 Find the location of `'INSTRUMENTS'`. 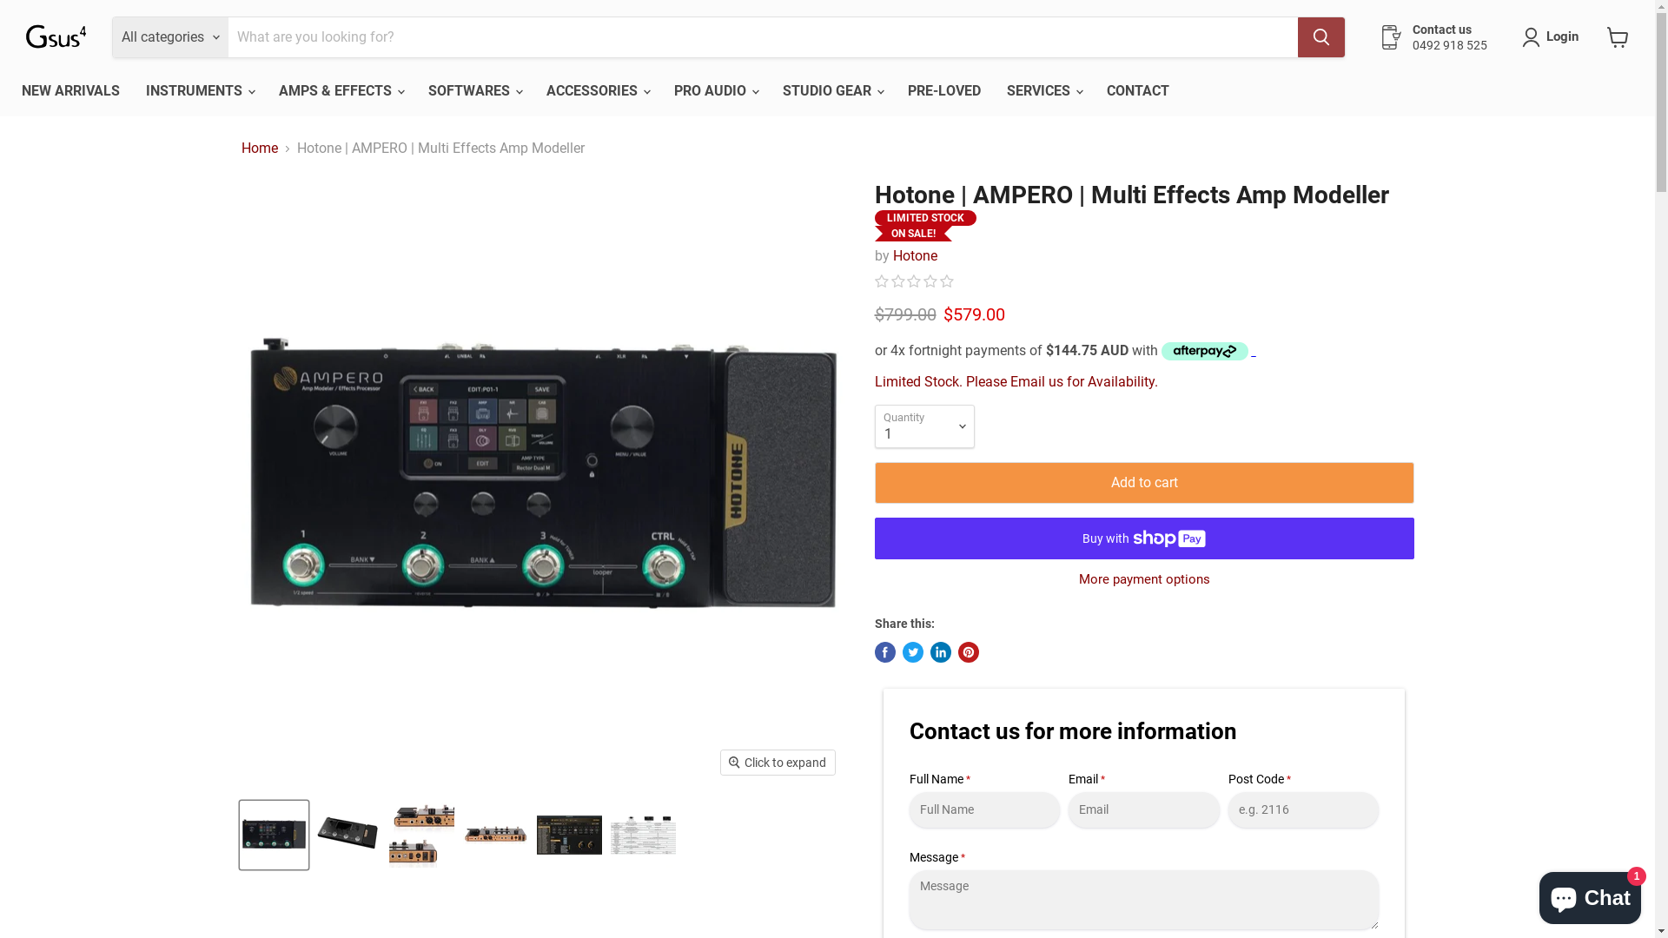

'INSTRUMENTS' is located at coordinates (199, 90).